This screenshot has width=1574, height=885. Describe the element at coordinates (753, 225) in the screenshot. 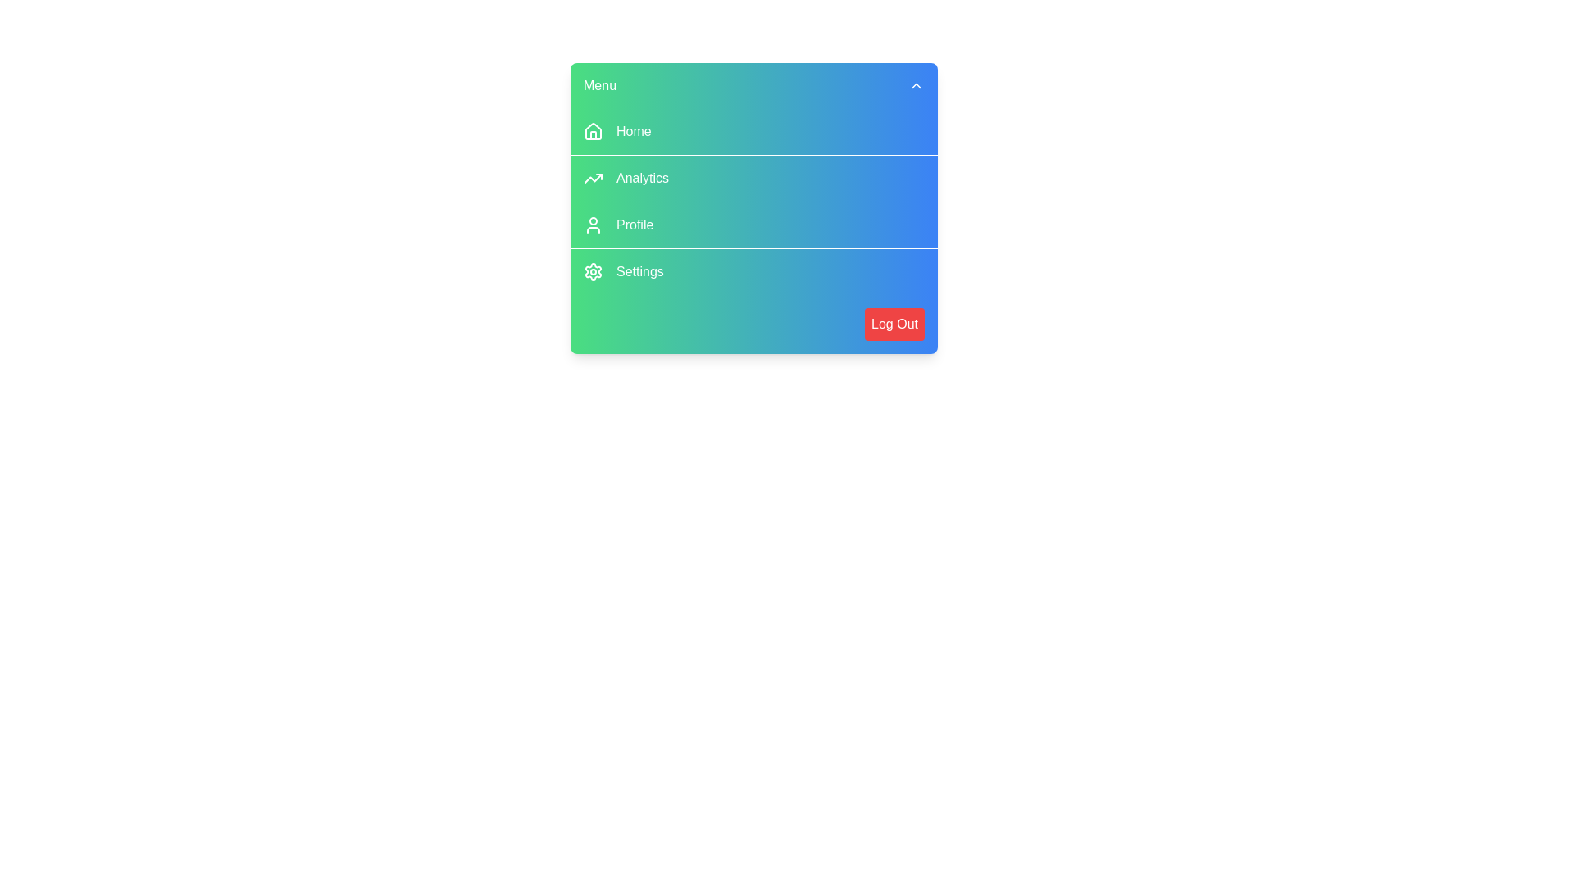

I see `the menu item Profile to navigate` at that location.